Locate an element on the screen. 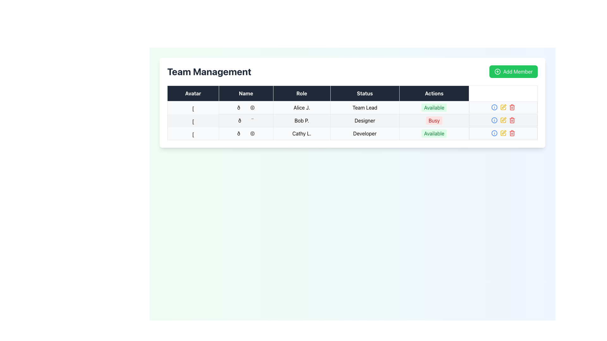 This screenshot has height=341, width=607. the pen icon in the 'Actions' column of the second row for 'Bob P.' is located at coordinates (504, 132).